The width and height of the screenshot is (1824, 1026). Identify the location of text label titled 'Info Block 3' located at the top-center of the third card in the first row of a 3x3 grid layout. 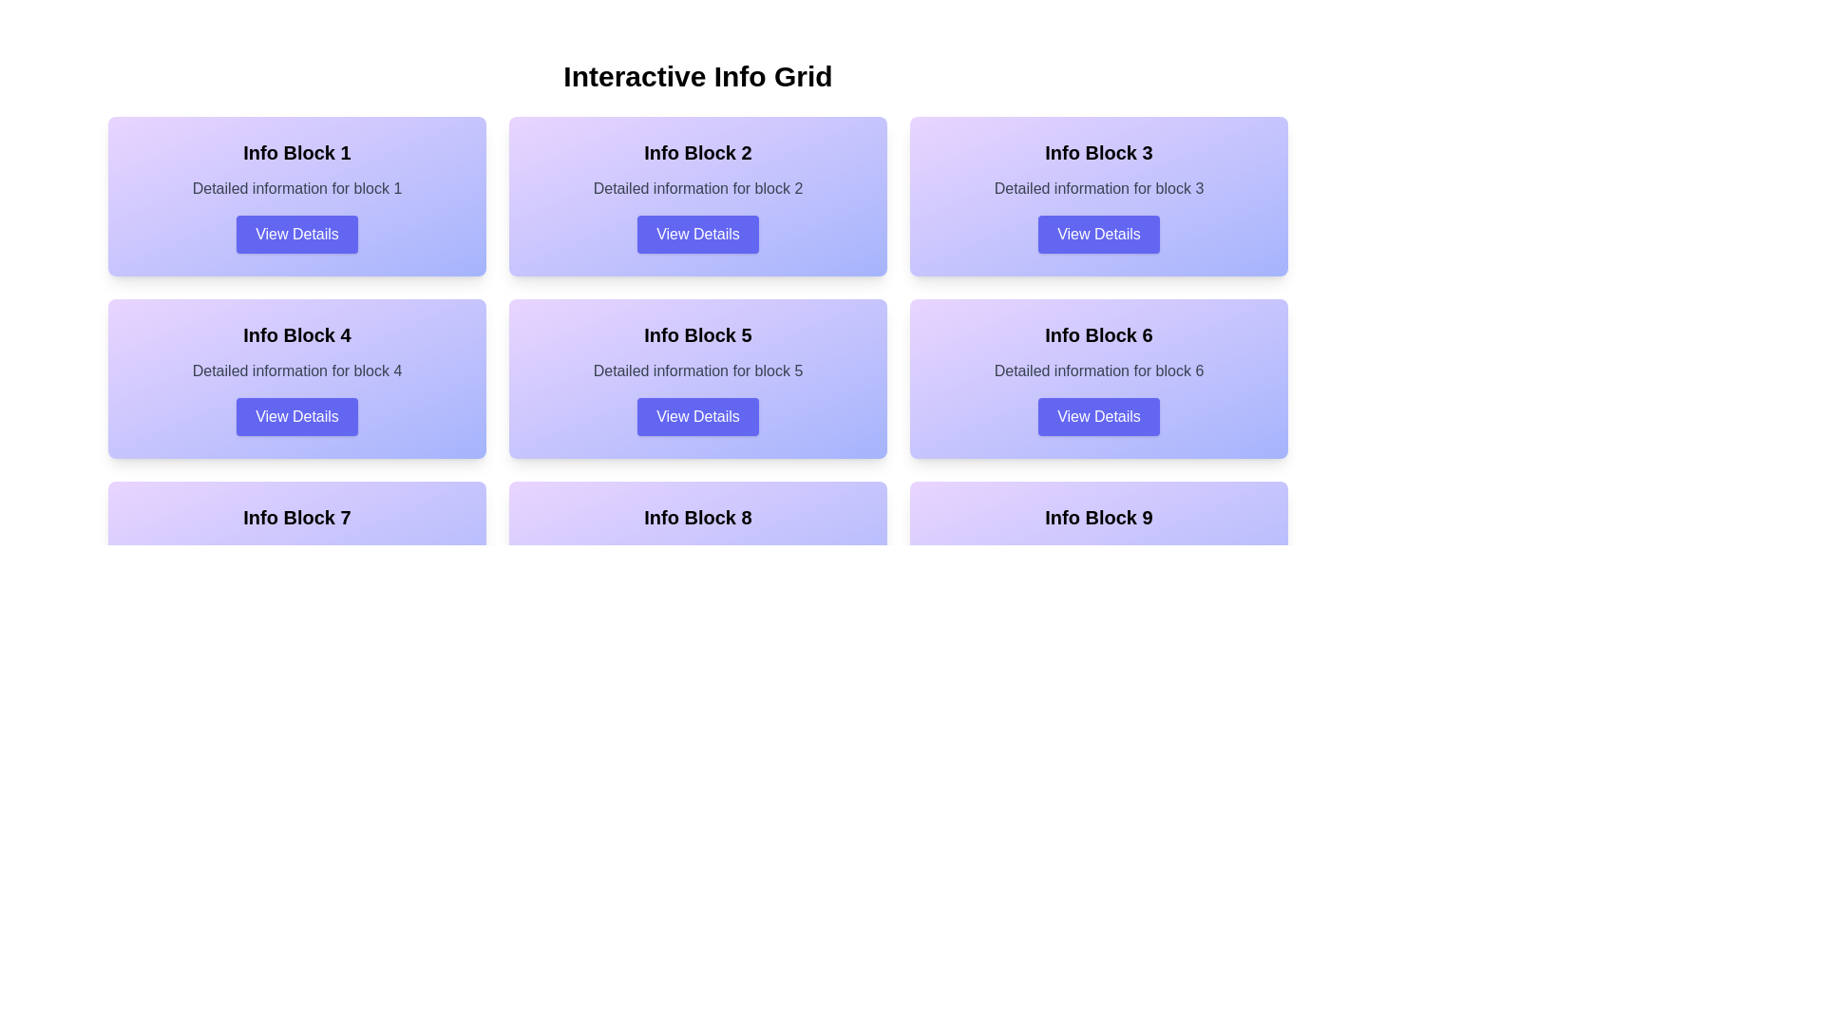
(1098, 152).